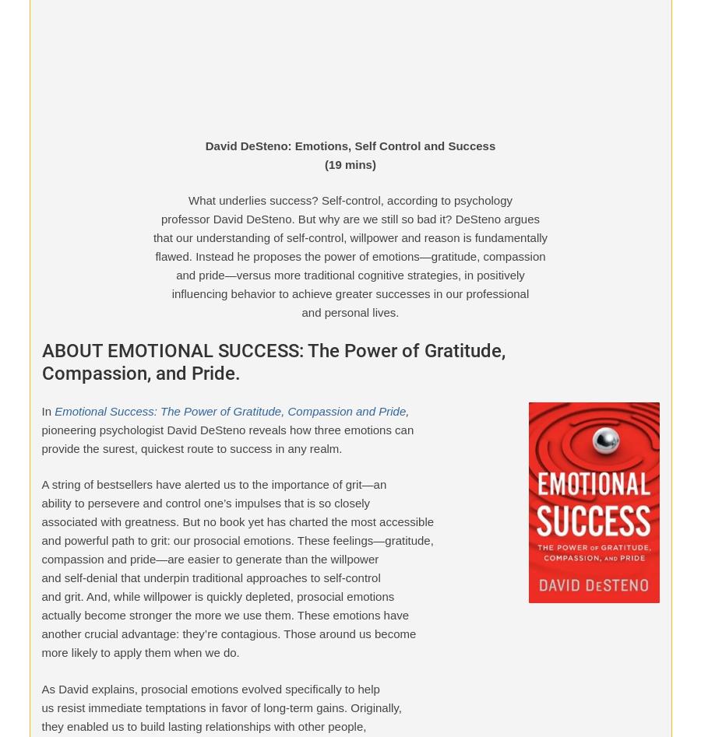 The height and width of the screenshot is (737, 701). Describe the element at coordinates (76, 38) in the screenshot. I see `'Emotional Intelligence for Success'` at that location.